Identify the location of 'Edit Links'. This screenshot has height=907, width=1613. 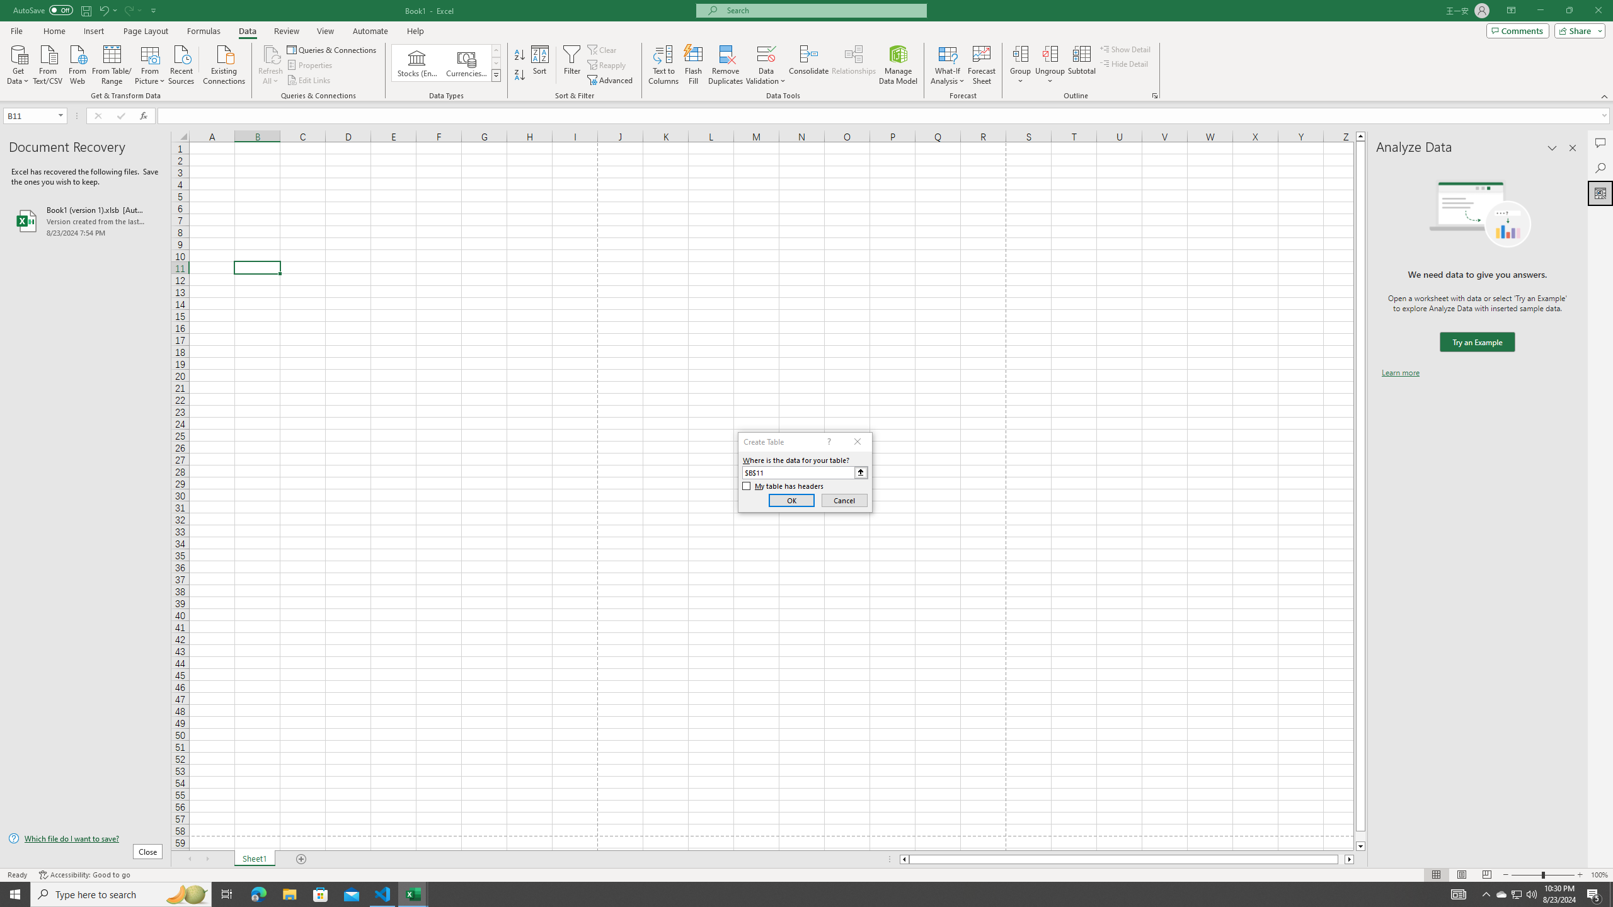
(309, 80).